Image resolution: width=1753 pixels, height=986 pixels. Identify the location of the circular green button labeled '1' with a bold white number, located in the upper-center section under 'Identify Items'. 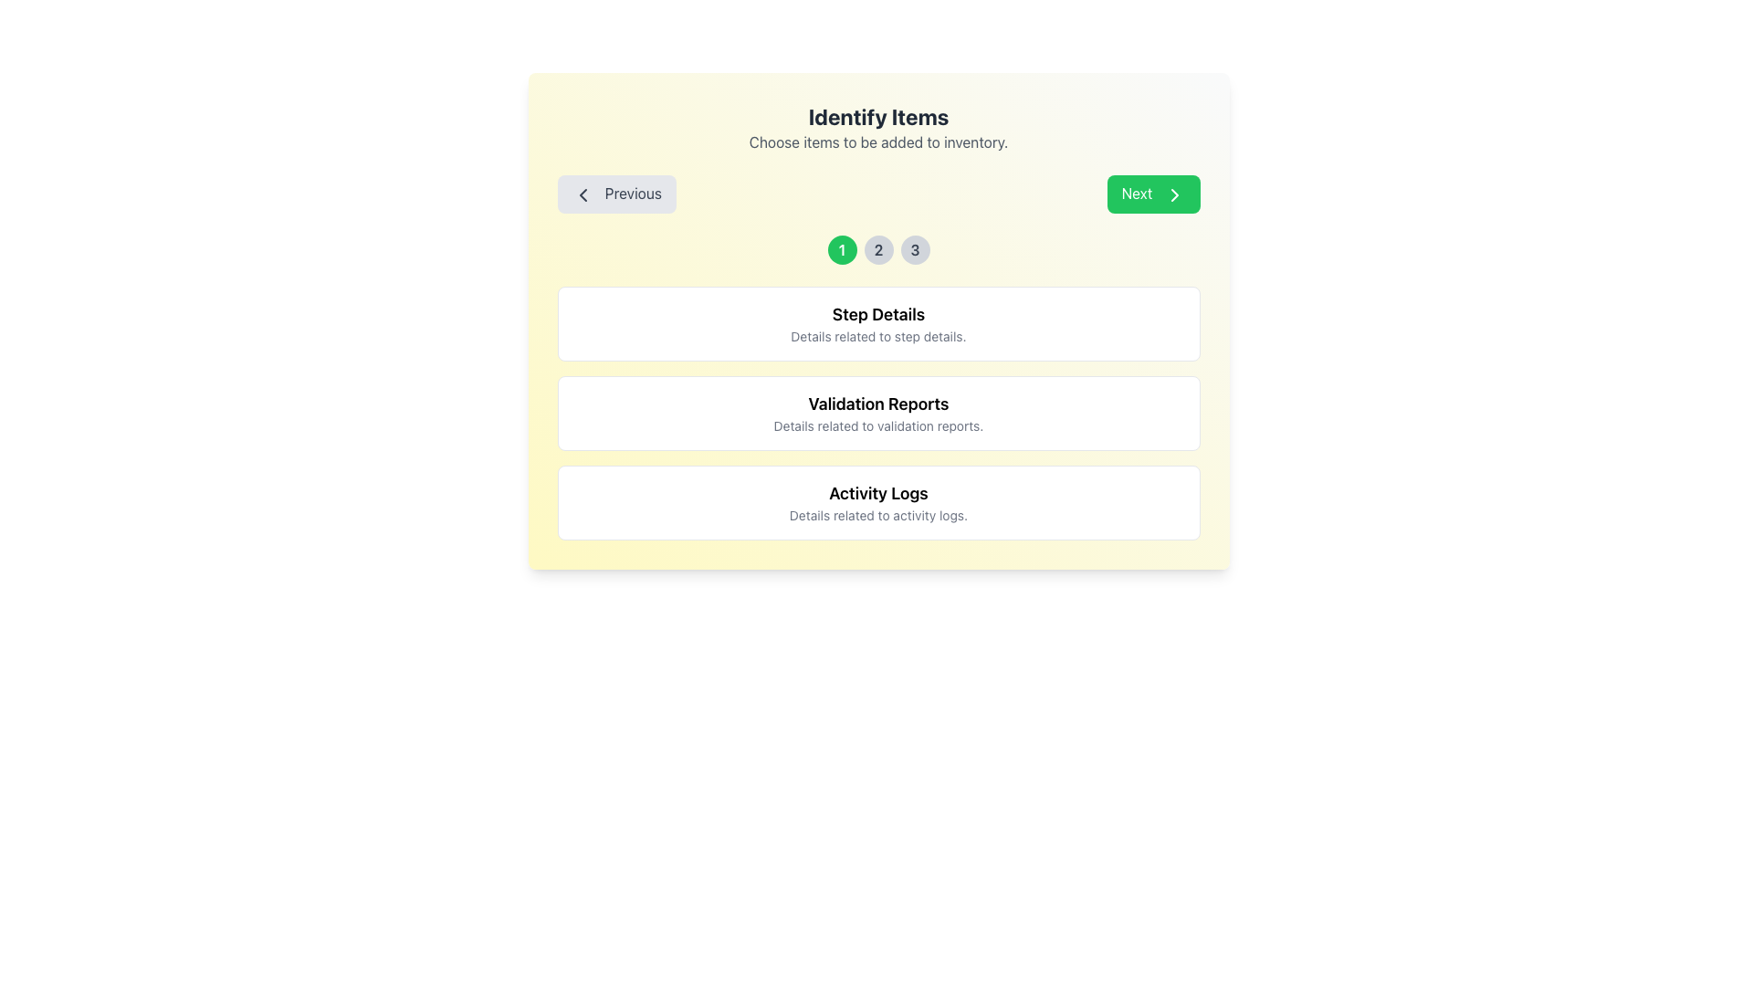
(841, 249).